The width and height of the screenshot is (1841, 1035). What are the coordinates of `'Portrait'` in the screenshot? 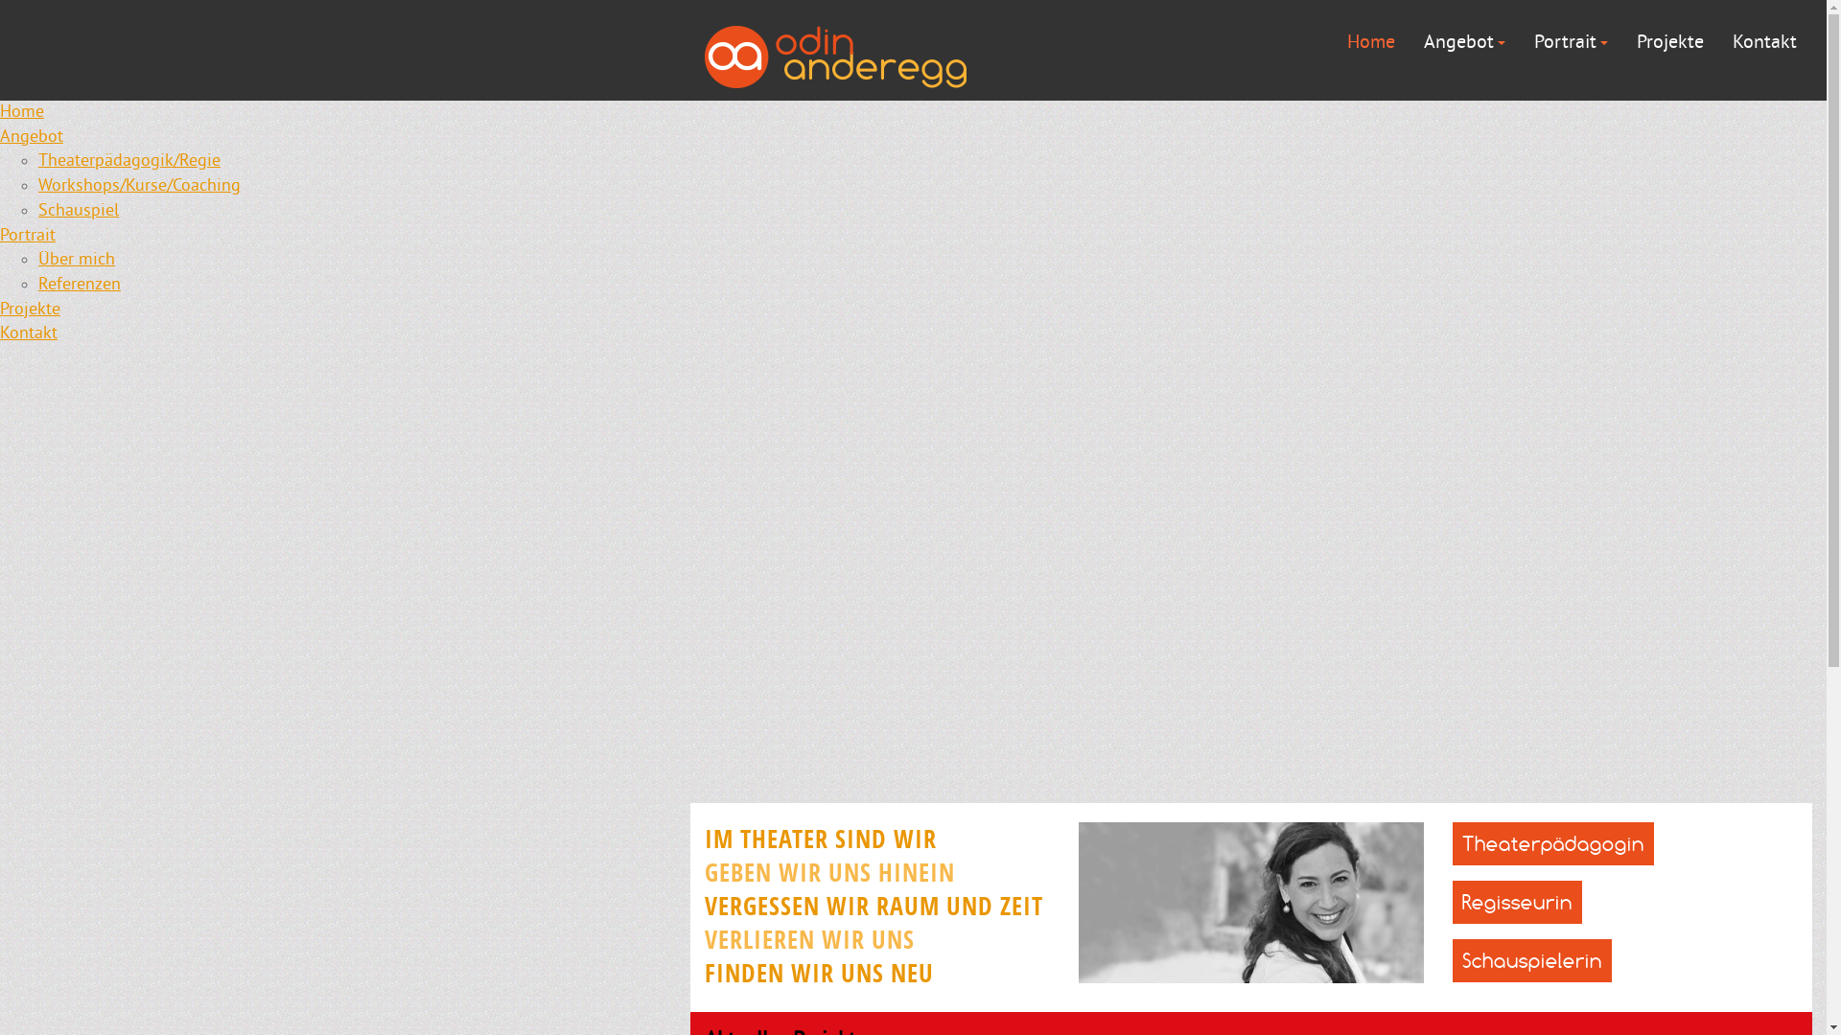 It's located at (1571, 41).